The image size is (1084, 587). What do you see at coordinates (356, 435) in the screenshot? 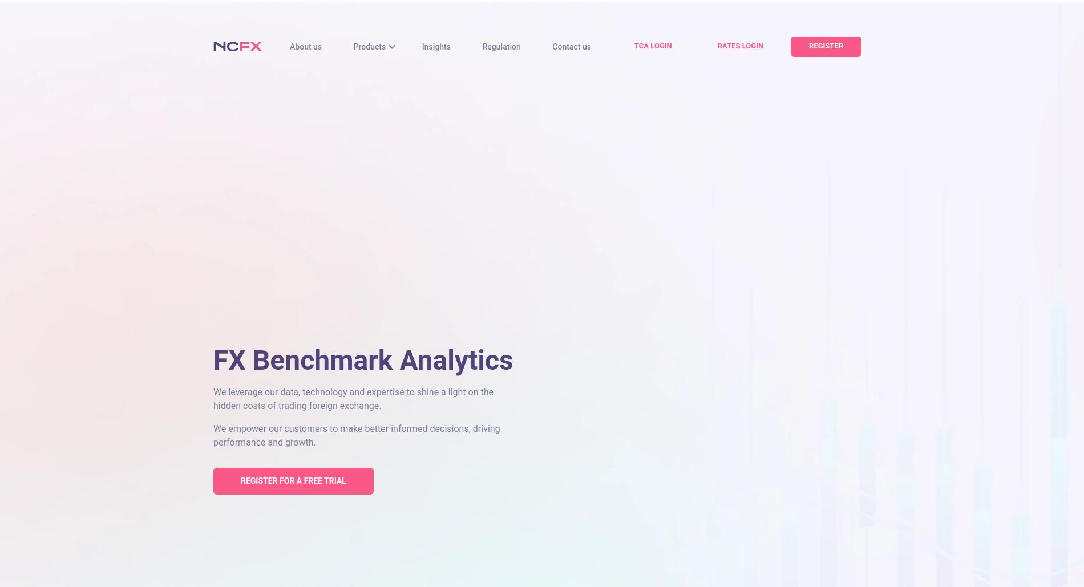
I see `'We empower our customers to make better informed decisions, driving performance and growth.'` at bounding box center [356, 435].